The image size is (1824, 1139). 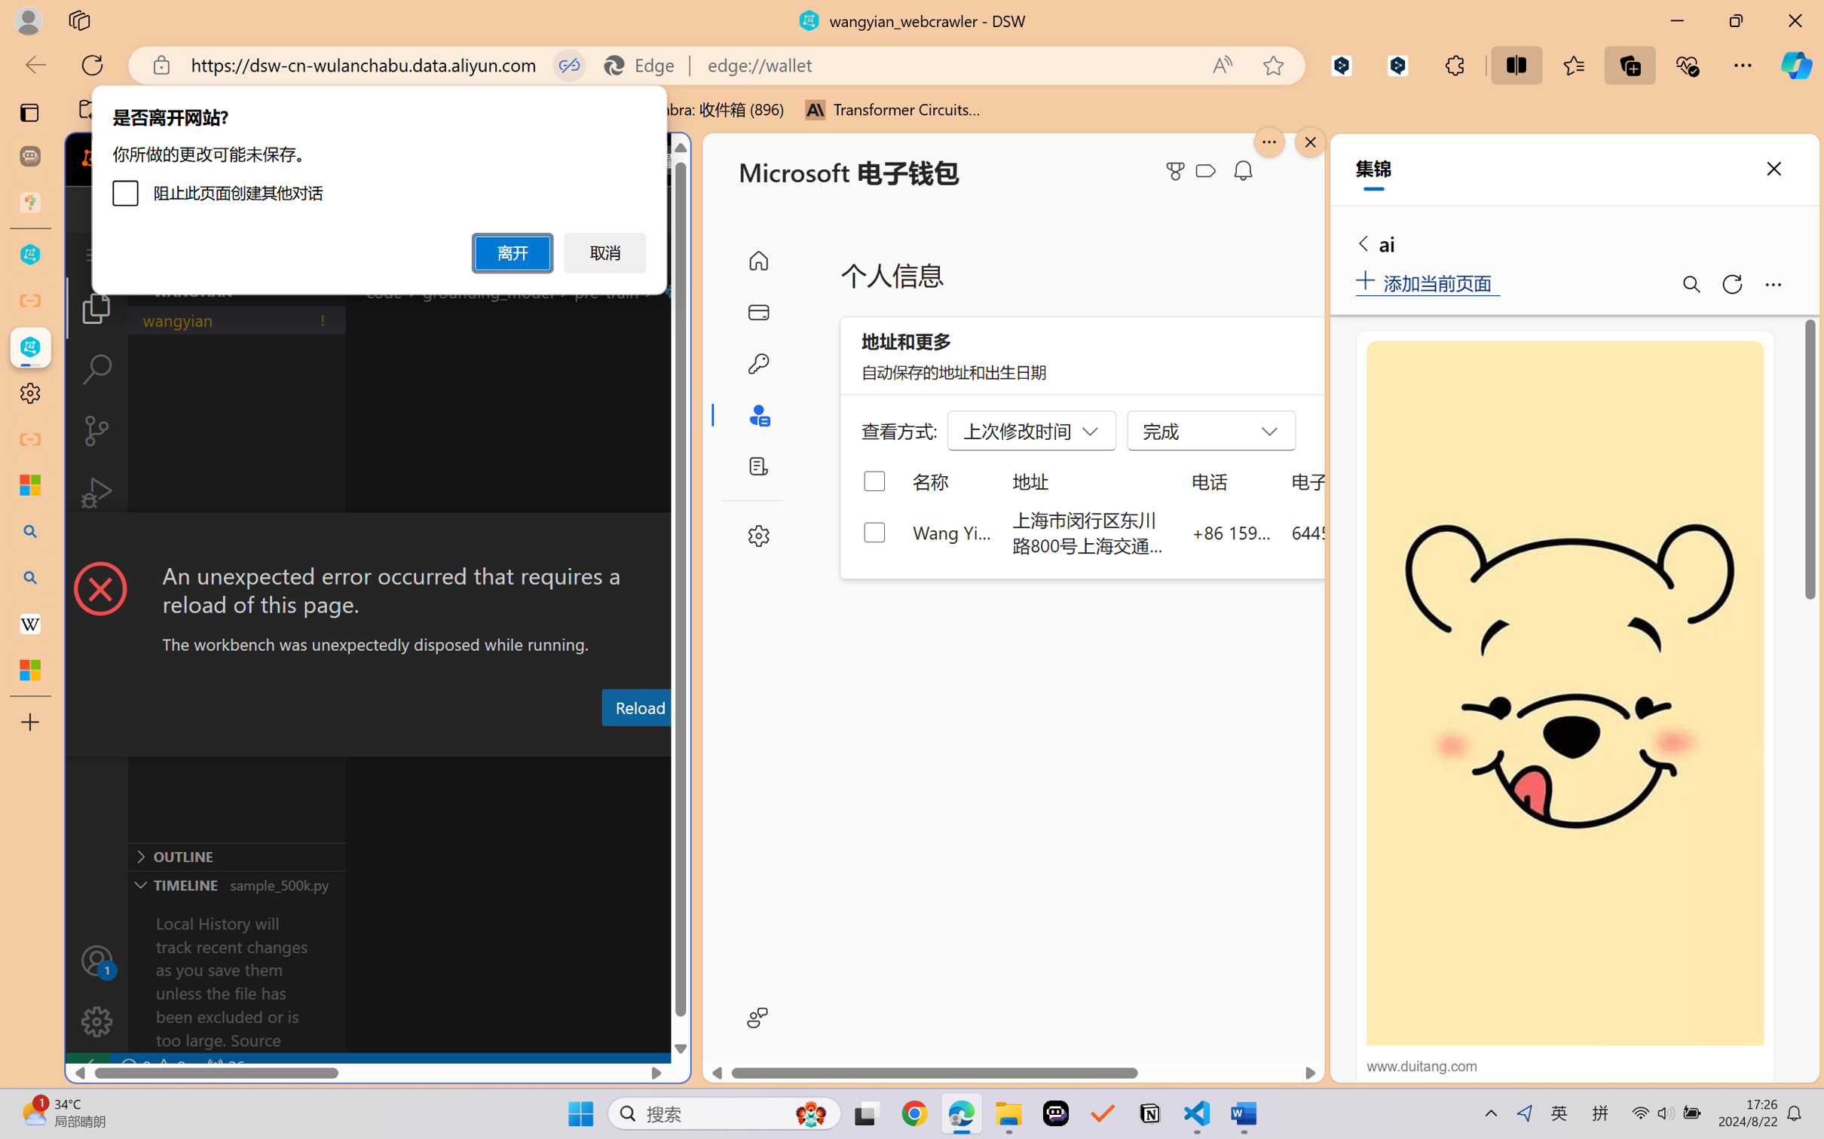 What do you see at coordinates (151, 1066) in the screenshot?
I see `'No Problems'` at bounding box center [151, 1066].